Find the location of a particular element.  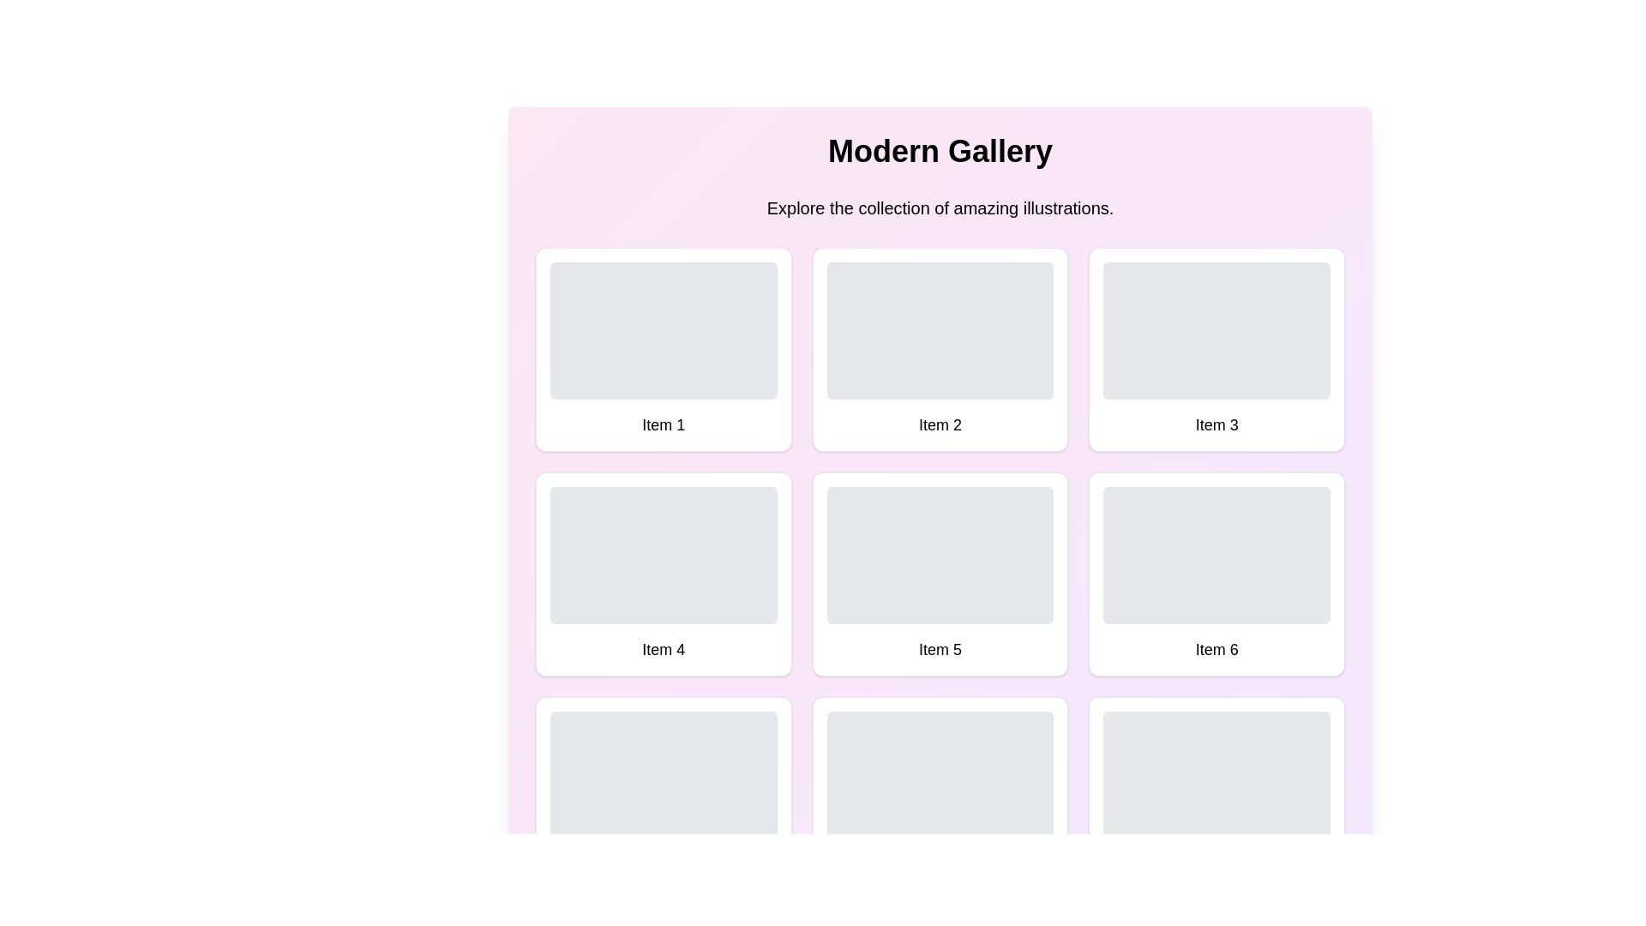

text of the static header element 'Modern Gallery', which is a centered heading styled in a large bold font against a light pink gradient background is located at coordinates (940, 151).